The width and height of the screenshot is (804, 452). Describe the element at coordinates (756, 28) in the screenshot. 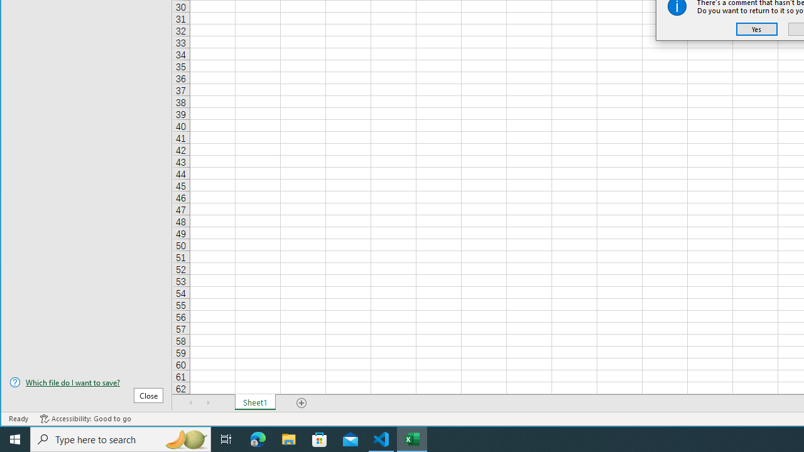

I see `'Yes'` at that location.